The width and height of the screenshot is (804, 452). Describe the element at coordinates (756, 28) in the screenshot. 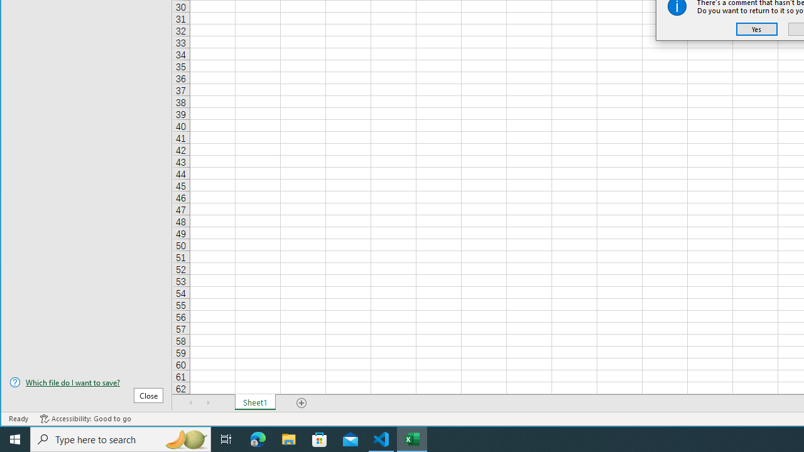

I see `'Yes'` at that location.